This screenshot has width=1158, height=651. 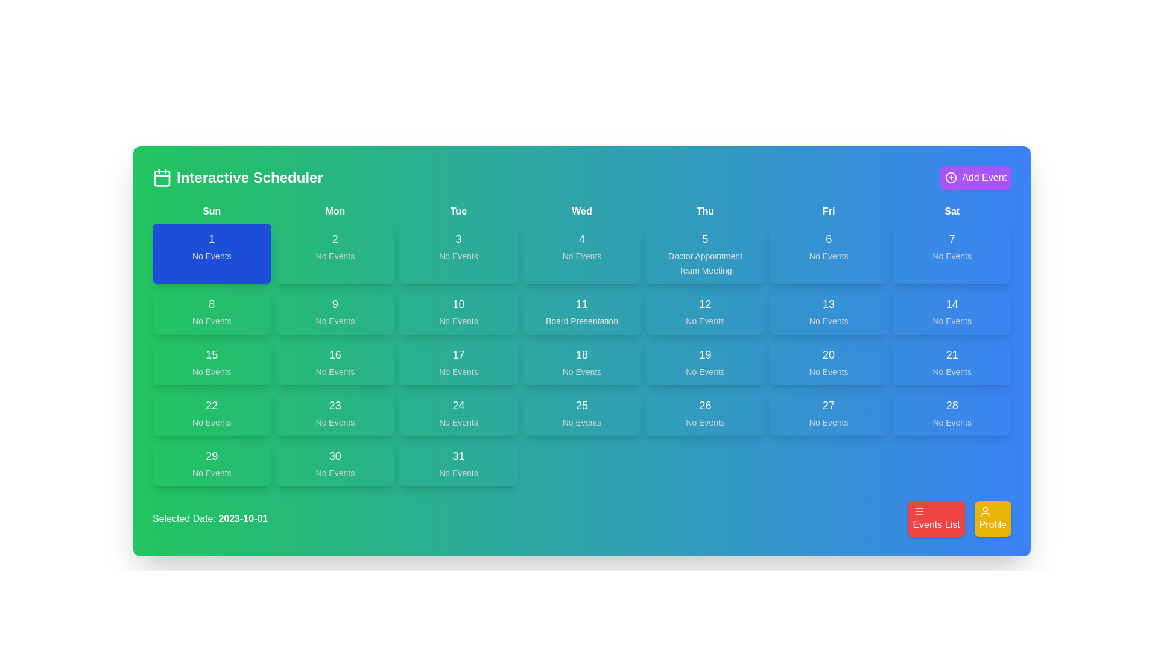 What do you see at coordinates (976, 177) in the screenshot?
I see `the interactive button located in the upper right corner of the 'Interactive Scheduler'` at bounding box center [976, 177].